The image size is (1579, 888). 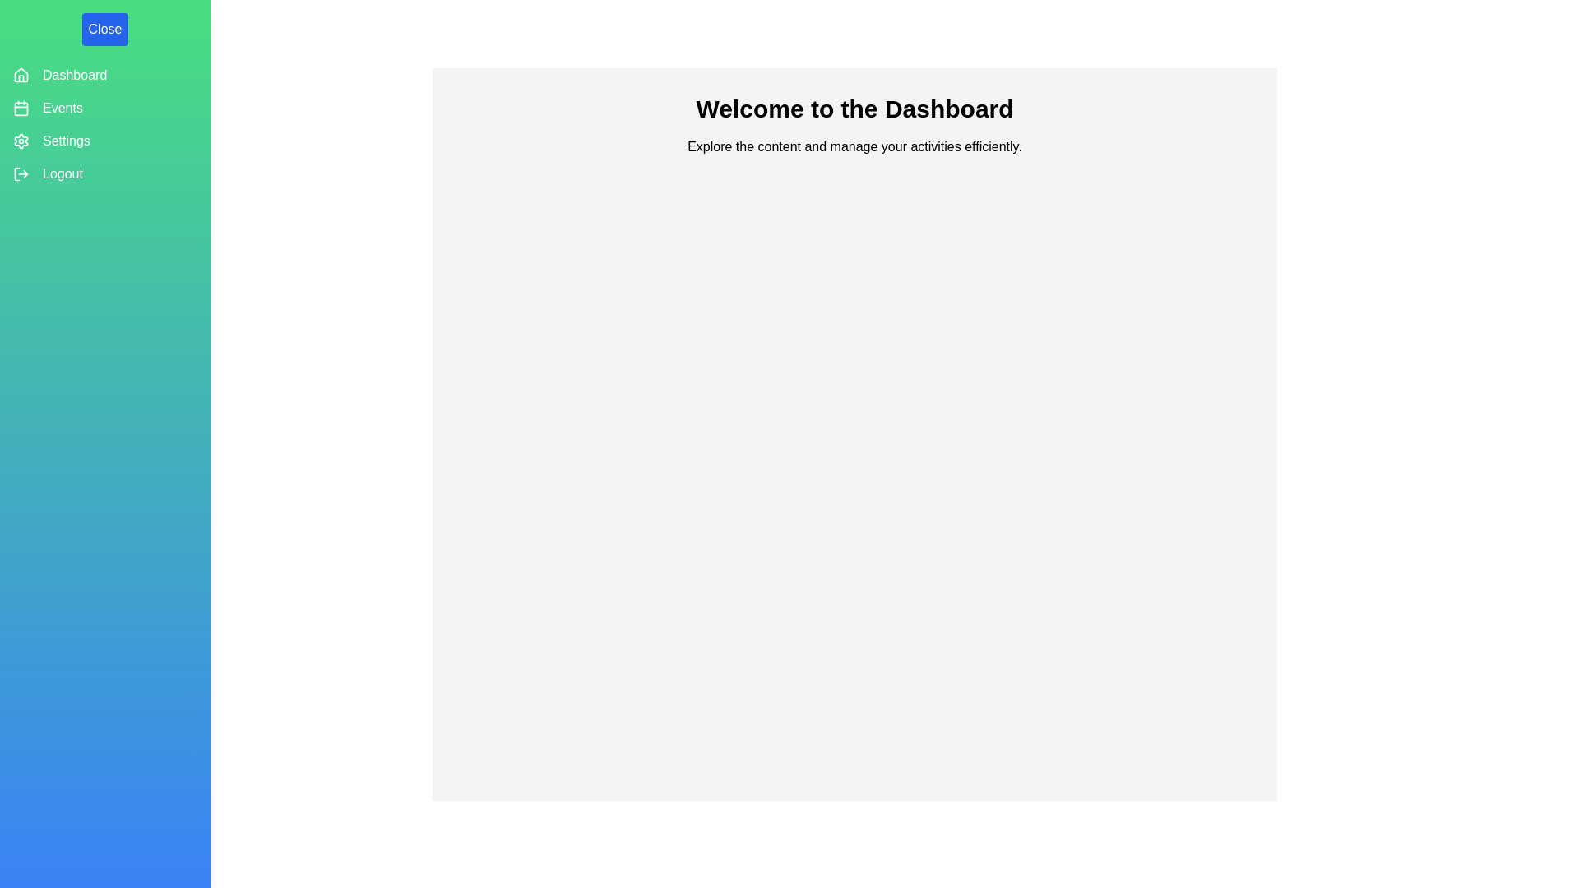 What do you see at coordinates (104, 108) in the screenshot?
I see `the 'Events' menu item in the drawer navigation` at bounding box center [104, 108].